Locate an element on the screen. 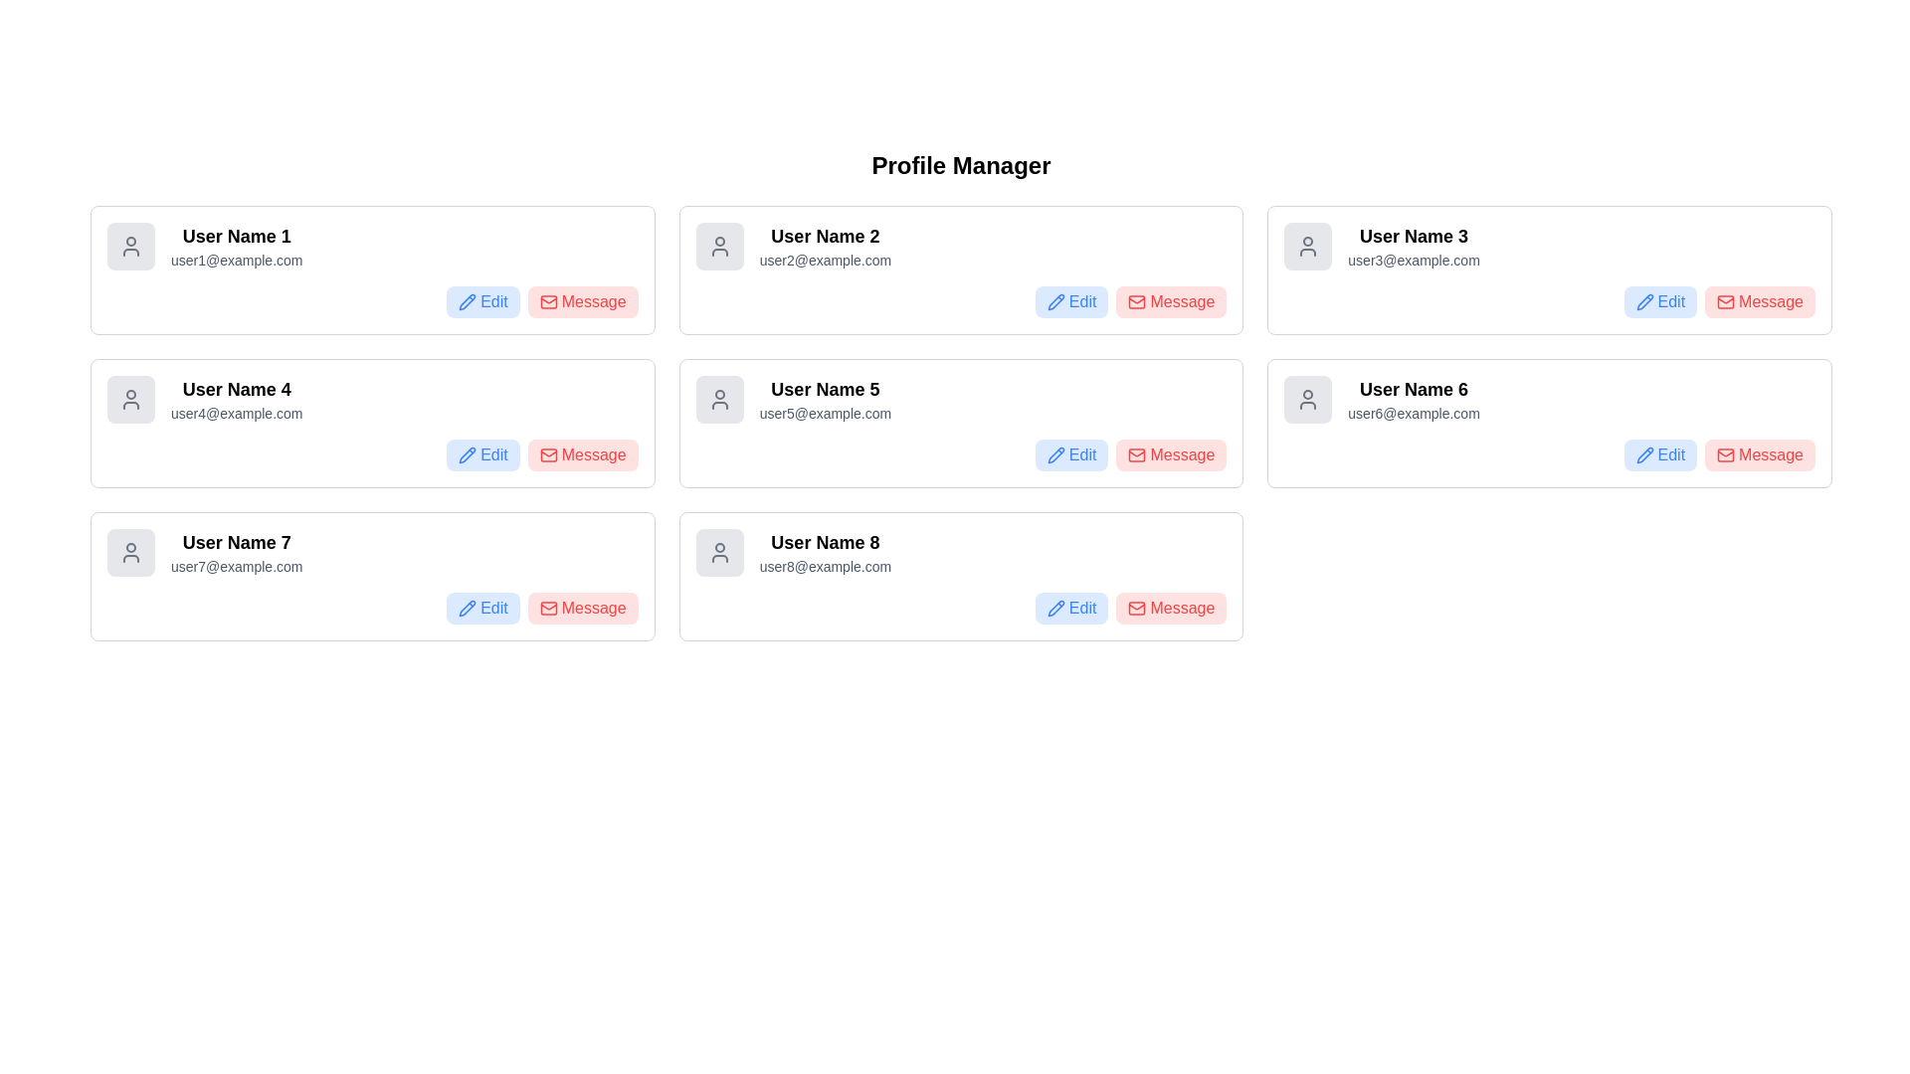  the text label displaying 'user8@example.com', which is styled in small gray font and located under the user's name in the eighth profile card is located at coordinates (825, 567).